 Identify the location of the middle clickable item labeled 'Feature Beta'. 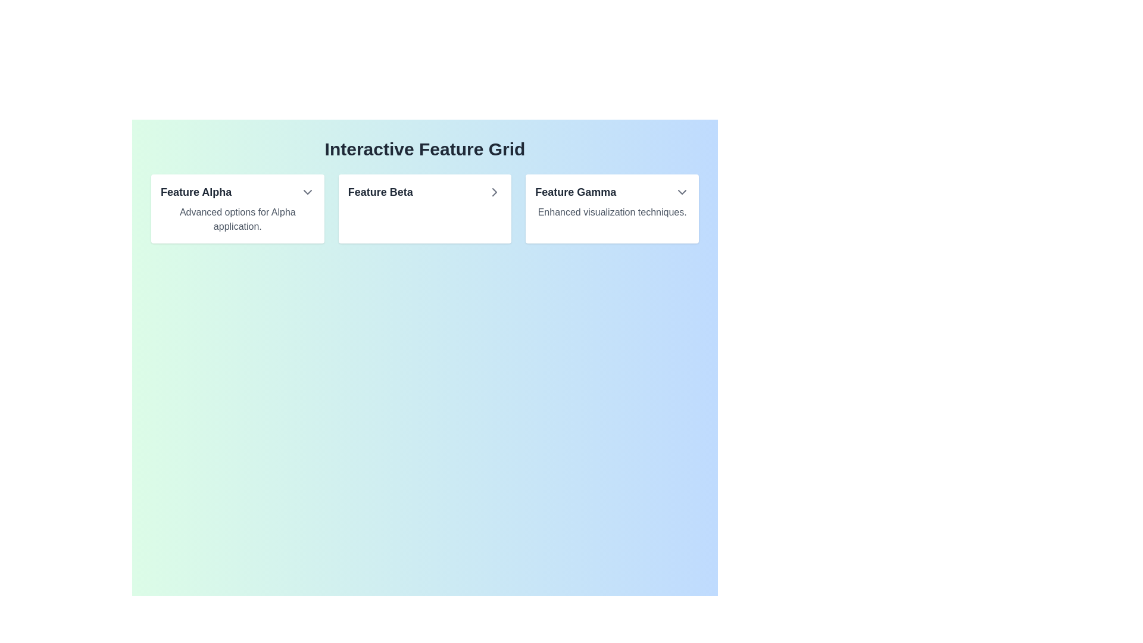
(425, 192).